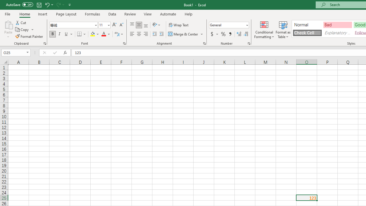 The width and height of the screenshot is (366, 206). I want to click on 'Orientation', so click(156, 25).